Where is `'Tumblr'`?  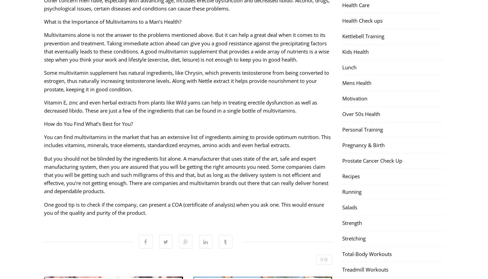
'Tumblr' is located at coordinates (225, 225).